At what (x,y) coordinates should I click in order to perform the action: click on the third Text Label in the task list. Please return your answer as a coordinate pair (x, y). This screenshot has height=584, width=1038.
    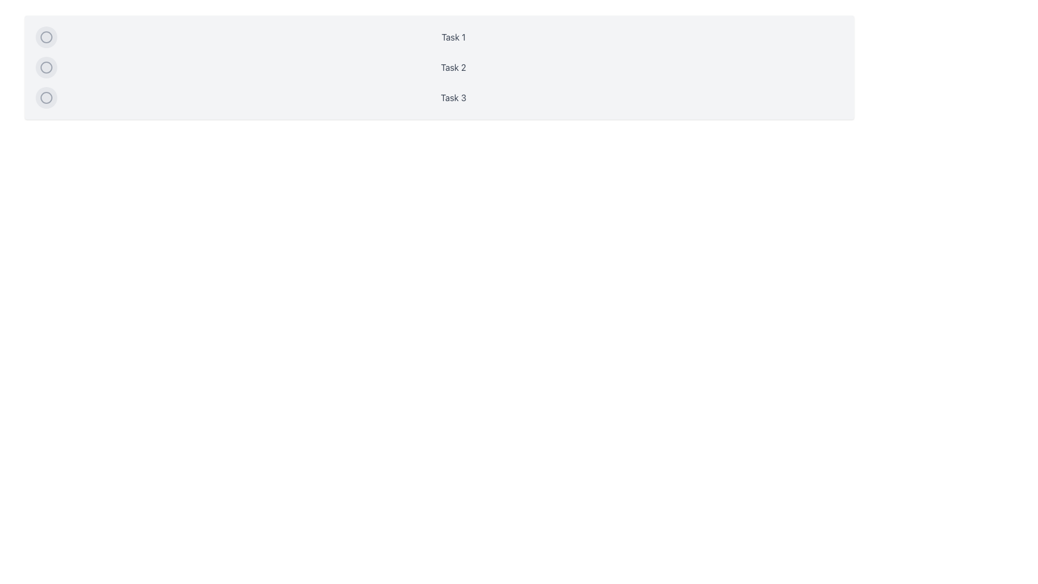
    Looking at the image, I should click on (439, 98).